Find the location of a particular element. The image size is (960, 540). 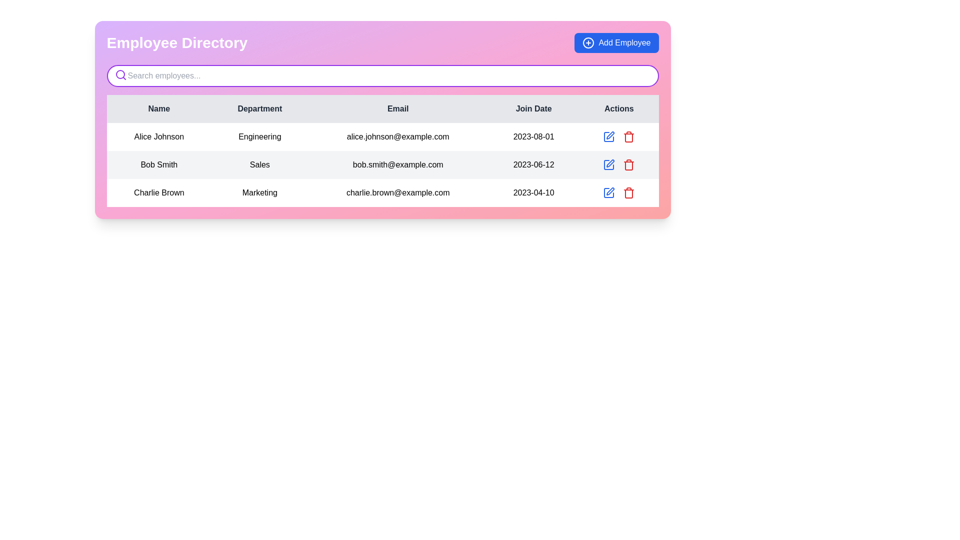

the text label displaying 'Charlie Brown', which is the first column of the last row in a tabular layout is located at coordinates (158, 192).